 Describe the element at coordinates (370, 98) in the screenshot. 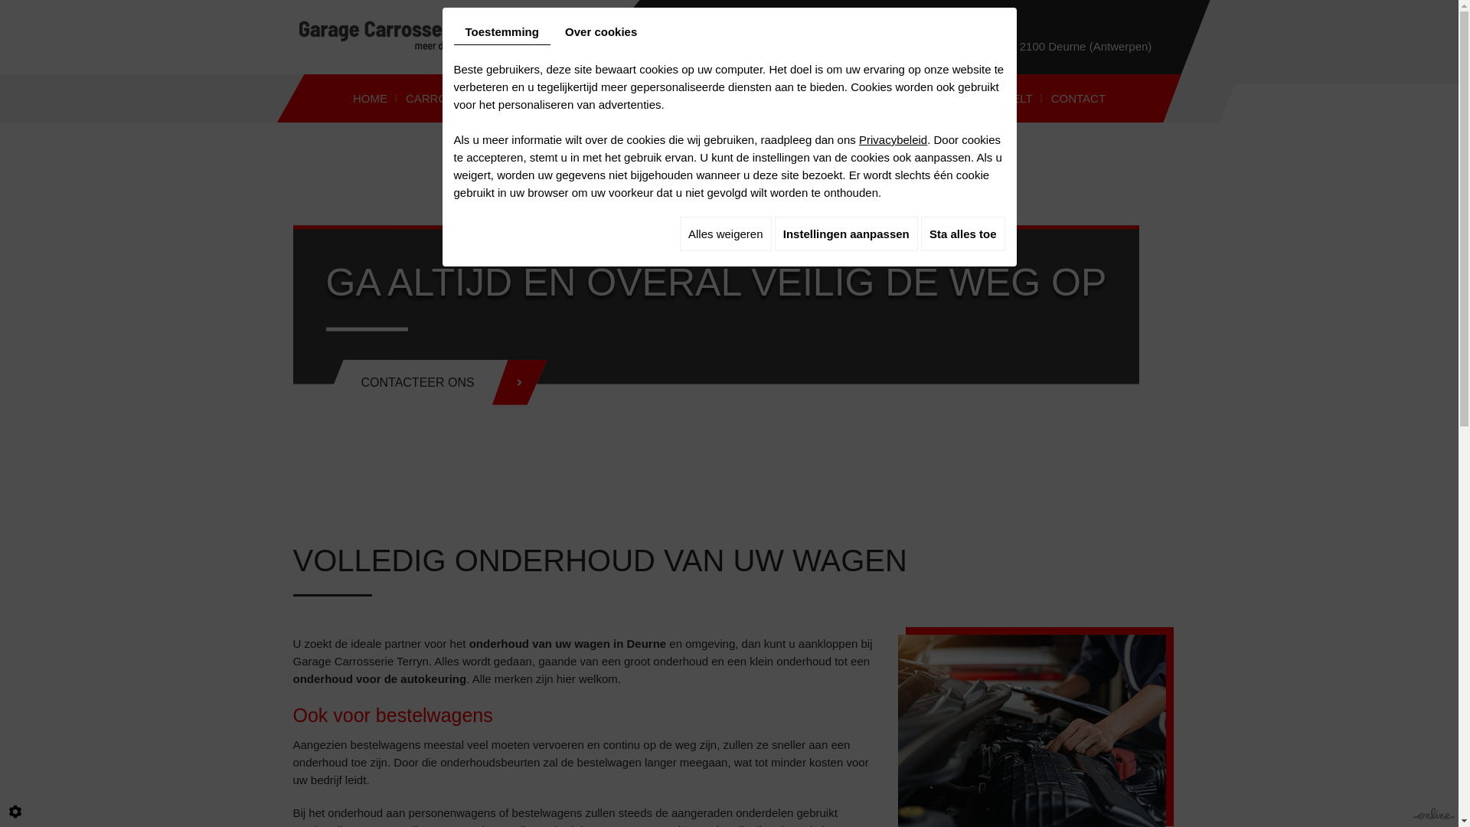

I see `'HOME'` at that location.